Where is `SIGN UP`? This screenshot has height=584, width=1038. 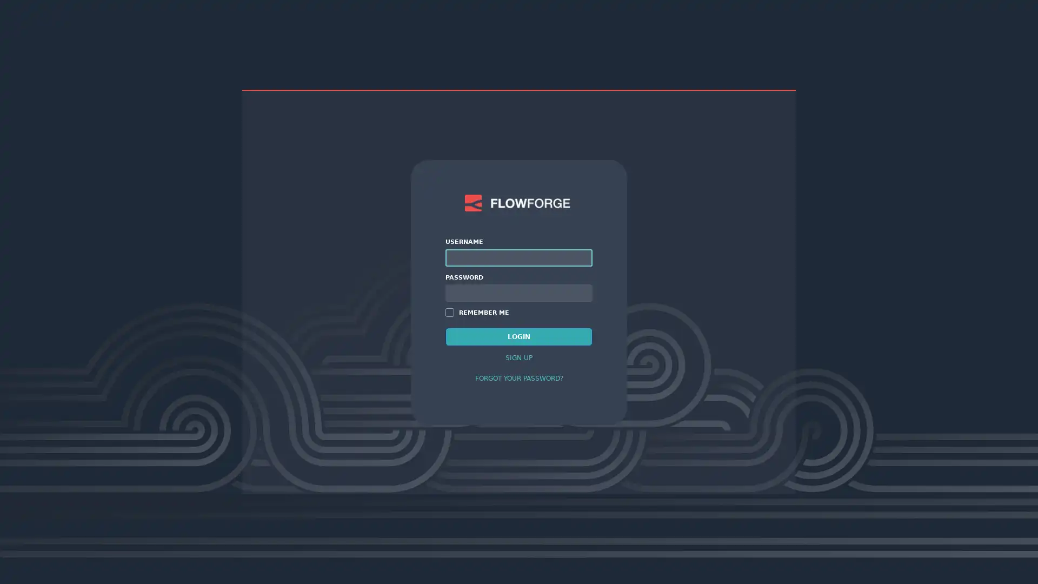
SIGN UP is located at coordinates (519, 357).